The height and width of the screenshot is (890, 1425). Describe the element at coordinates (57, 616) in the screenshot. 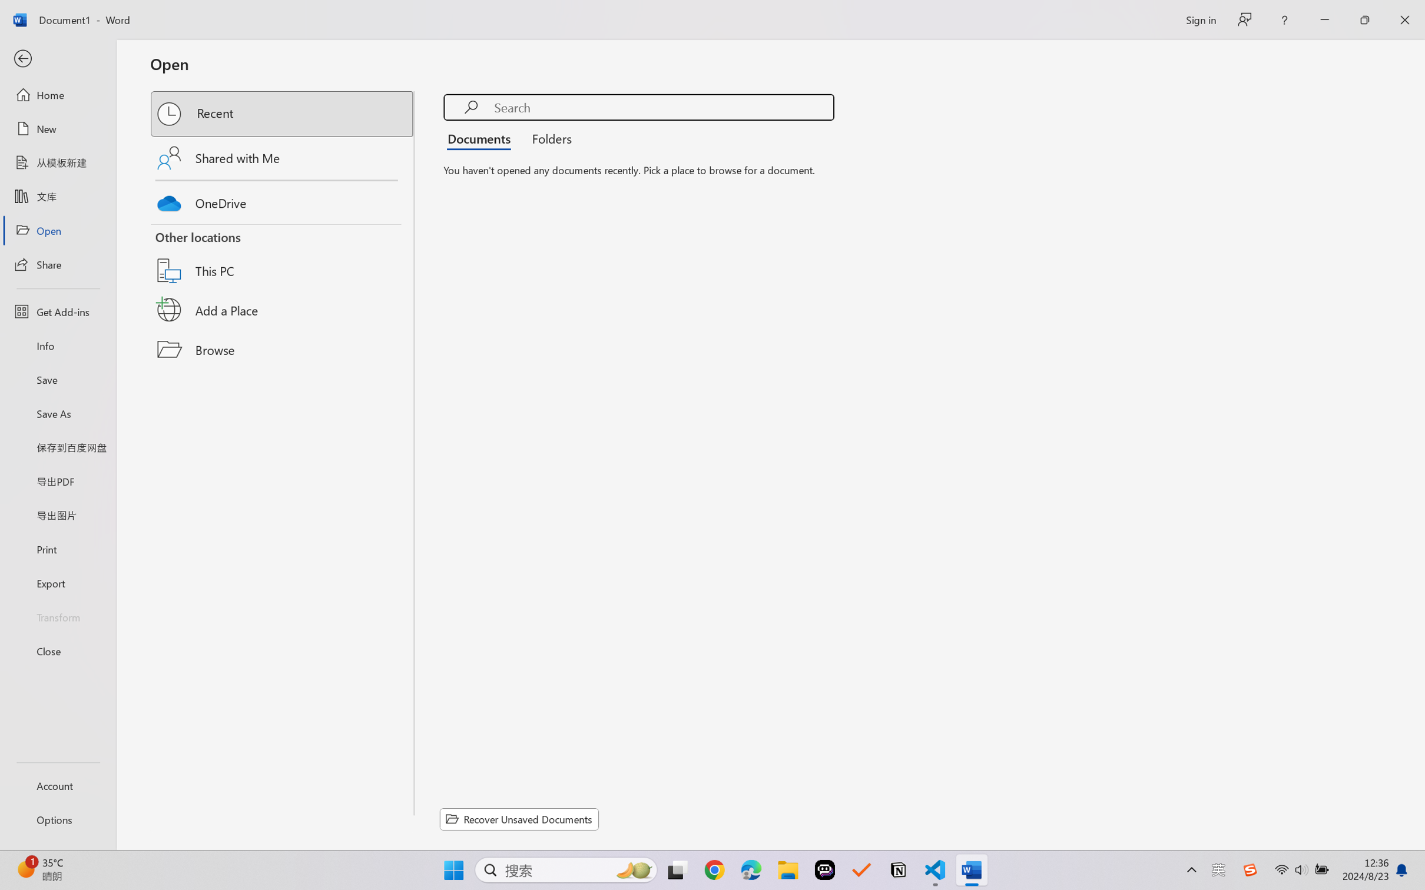

I see `'Transform'` at that location.